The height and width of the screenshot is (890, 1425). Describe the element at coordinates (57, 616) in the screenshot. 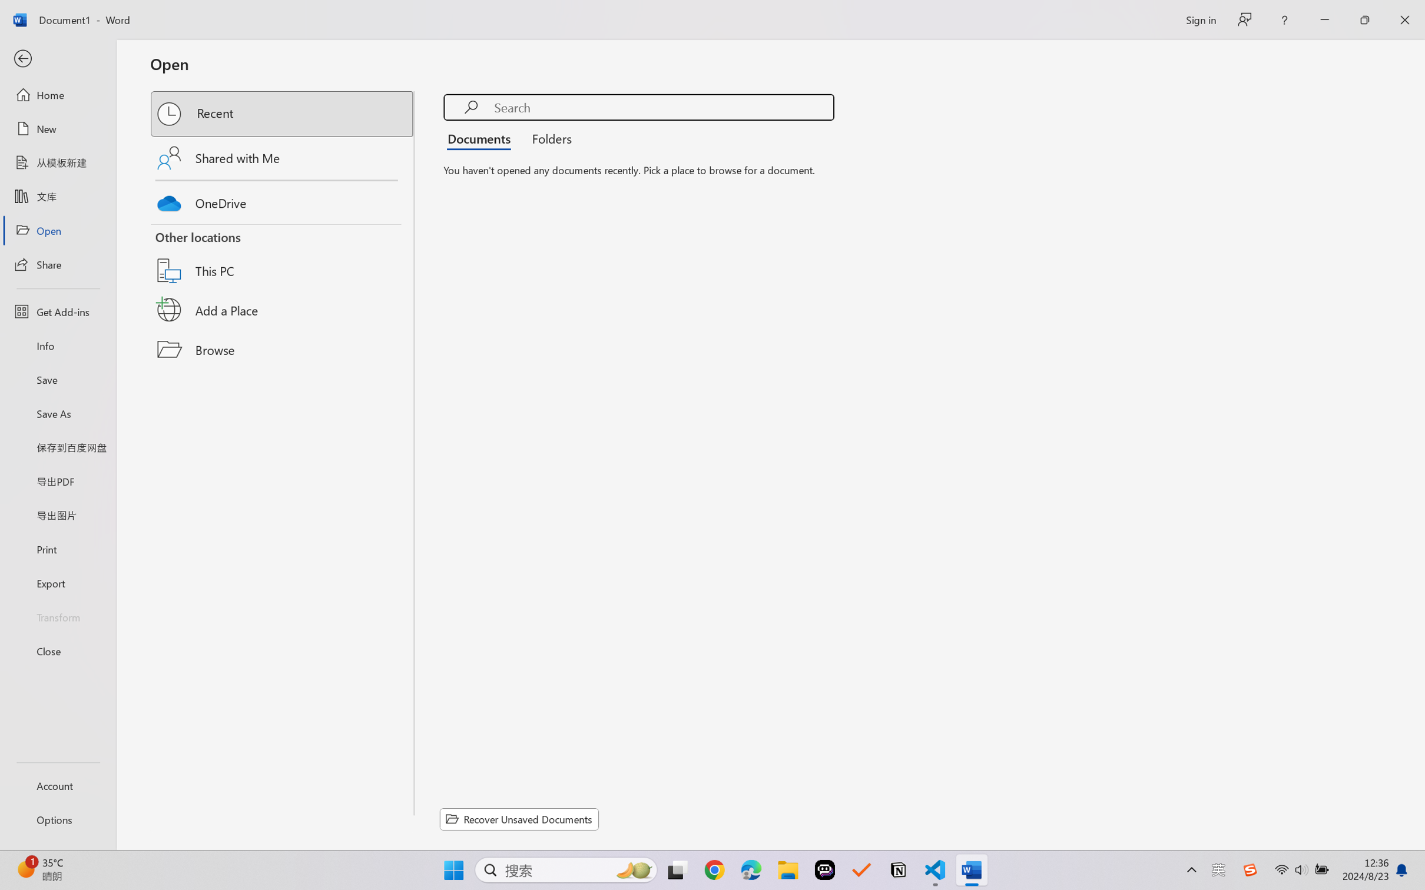

I see `'Transform'` at that location.